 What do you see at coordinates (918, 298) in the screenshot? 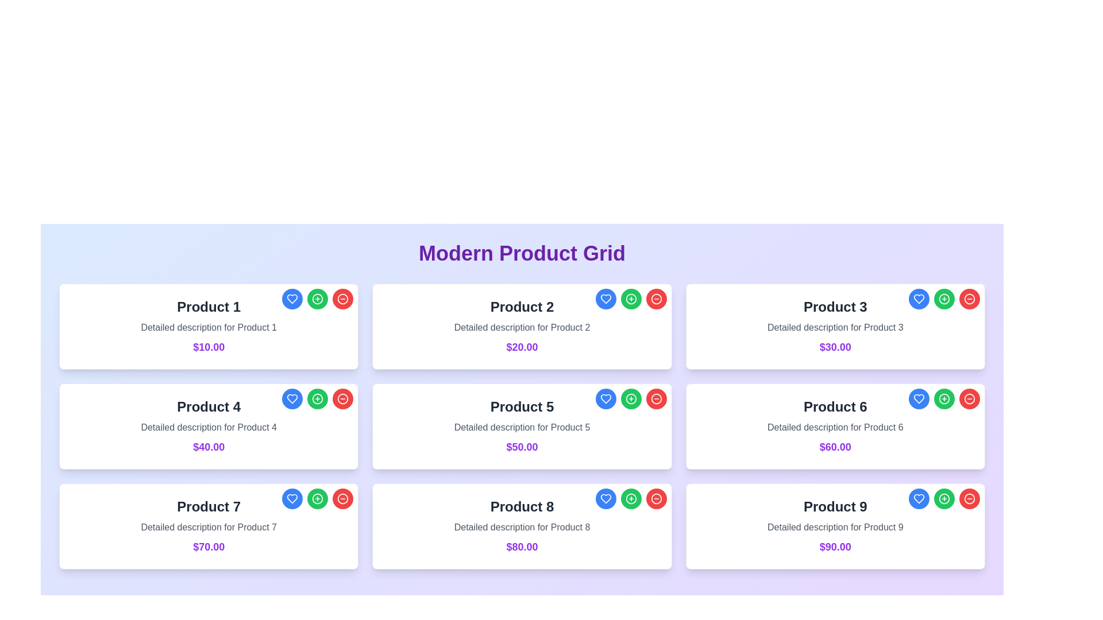
I see `the blue heart-shaped icon in the top-right corner of the 'Product 3' card to trigger the tooltip or visual effect` at bounding box center [918, 298].